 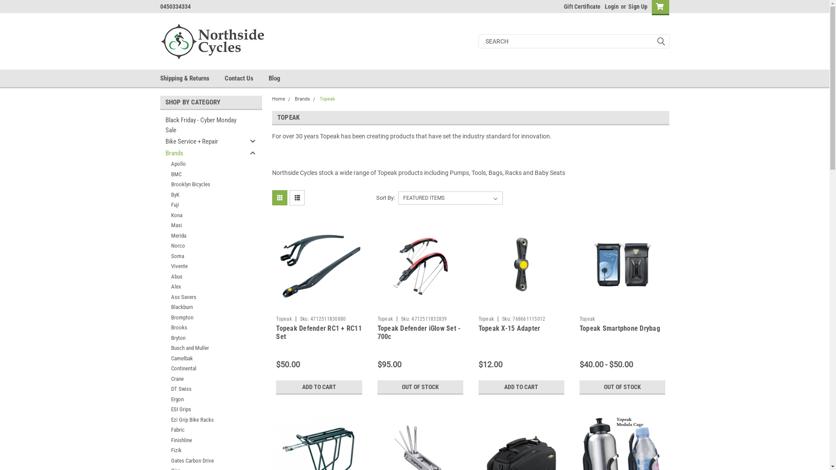 I want to click on 'Blackburn', so click(x=203, y=306).